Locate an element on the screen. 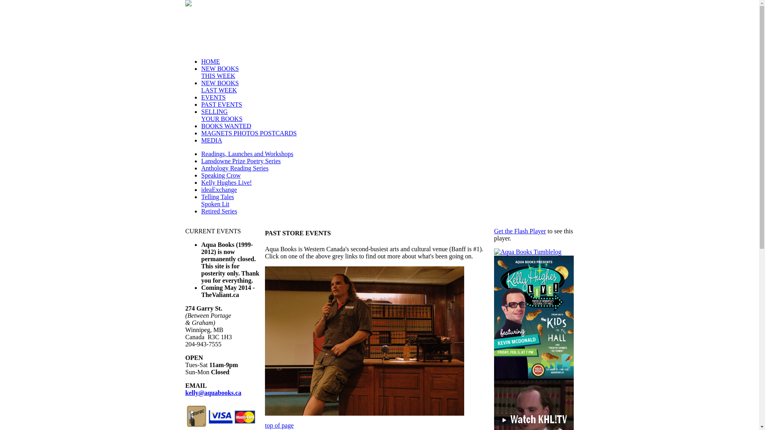 Image resolution: width=765 pixels, height=430 pixels. 'HOME' is located at coordinates (210, 61).